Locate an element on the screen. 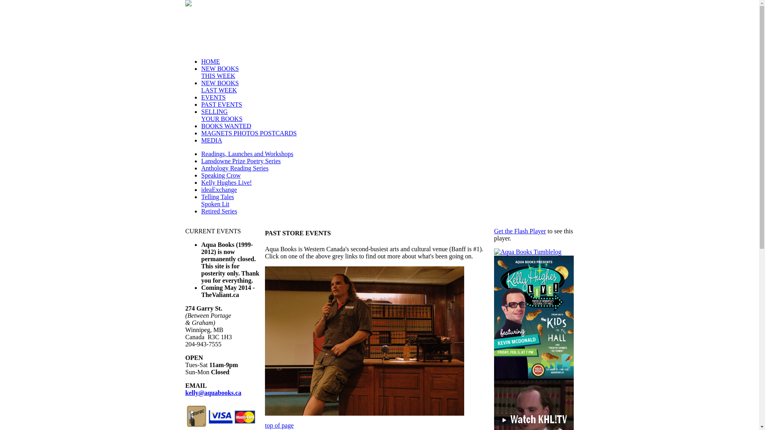 Image resolution: width=765 pixels, height=430 pixels. 'HOME' is located at coordinates (210, 61).